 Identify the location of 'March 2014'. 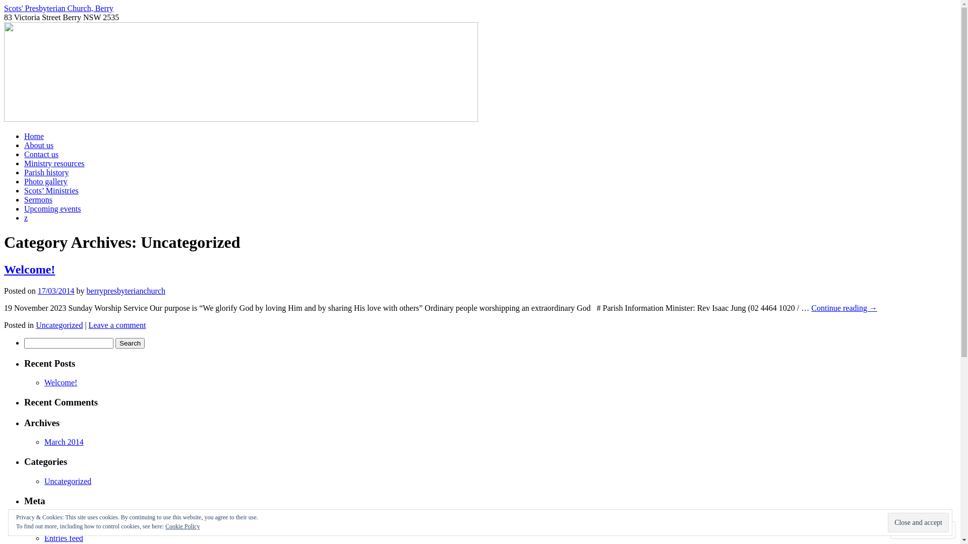
(63, 441).